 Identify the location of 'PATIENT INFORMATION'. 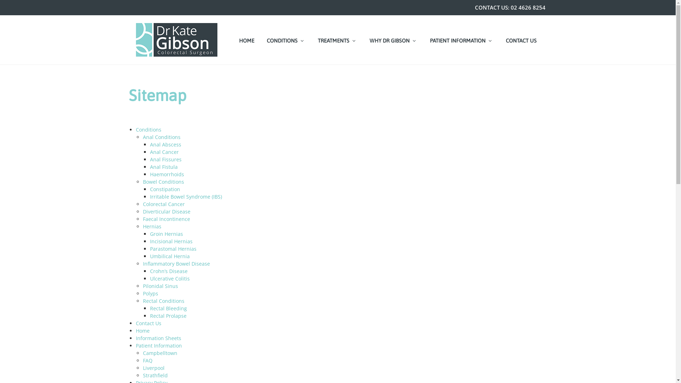
(426, 40).